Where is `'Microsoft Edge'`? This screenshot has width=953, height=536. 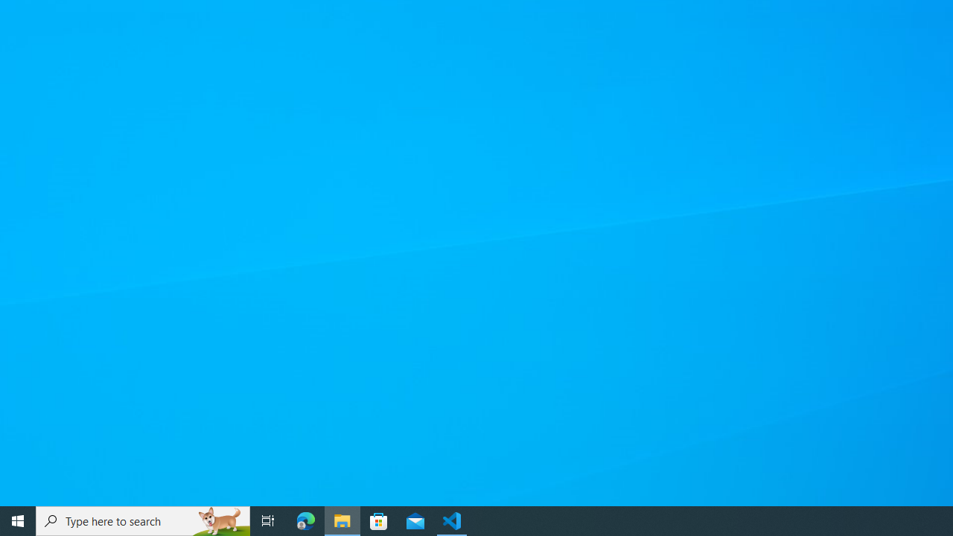
'Microsoft Edge' is located at coordinates (305, 520).